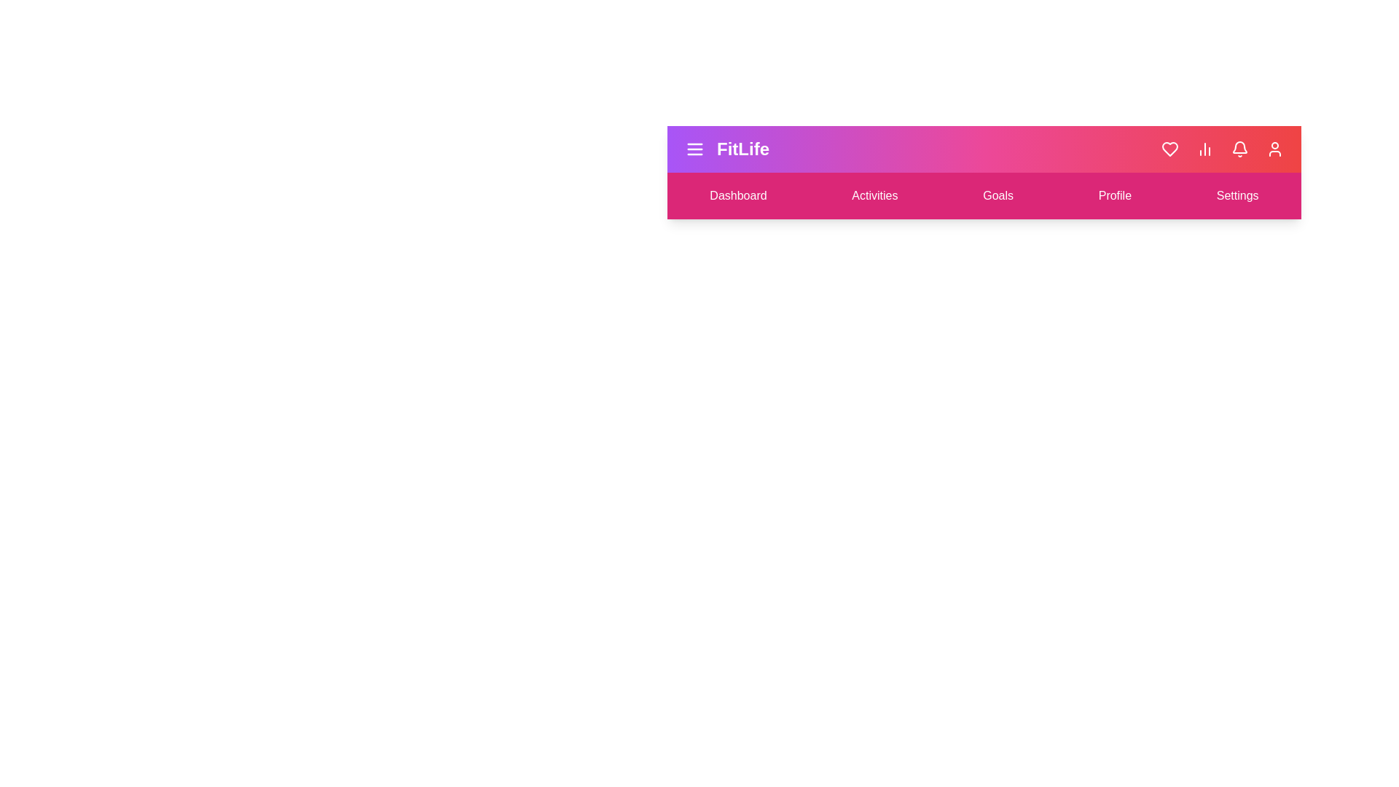  I want to click on the bar chart icon to view statistics, so click(1205, 149).